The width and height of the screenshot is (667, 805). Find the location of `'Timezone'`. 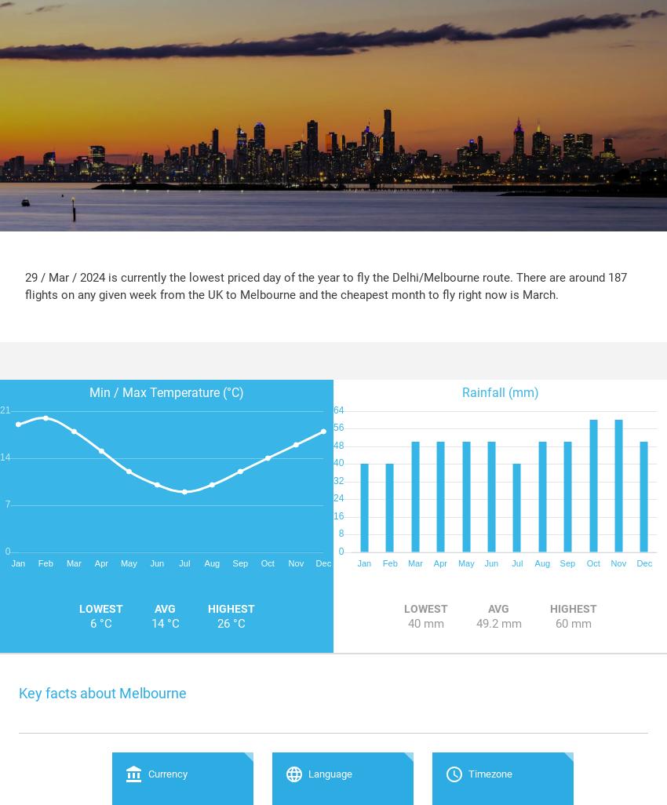

'Timezone' is located at coordinates (490, 772).